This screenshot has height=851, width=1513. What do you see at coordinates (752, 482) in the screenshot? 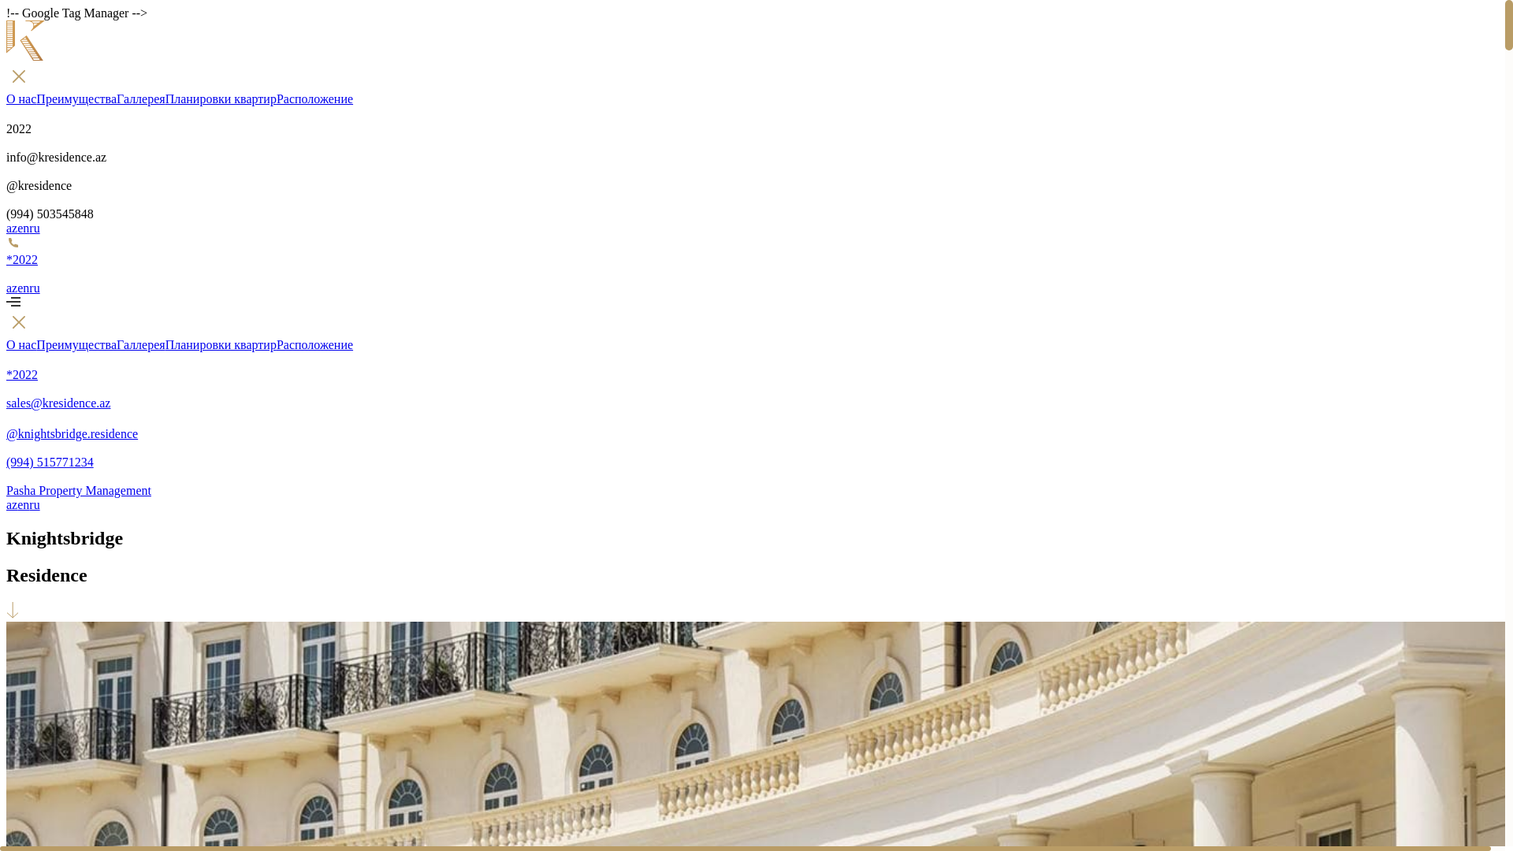
I see `'Pasha Property Management'` at bounding box center [752, 482].